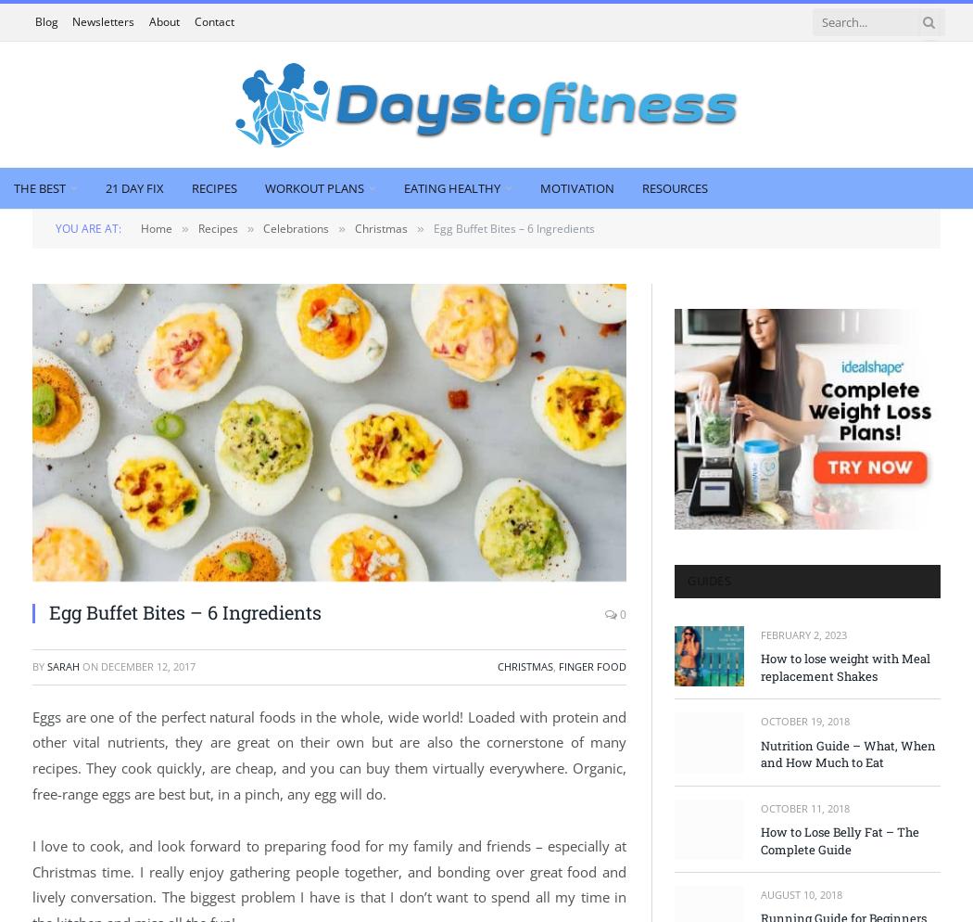 The image size is (973, 922). What do you see at coordinates (92, 666) in the screenshot?
I see `'on'` at bounding box center [92, 666].